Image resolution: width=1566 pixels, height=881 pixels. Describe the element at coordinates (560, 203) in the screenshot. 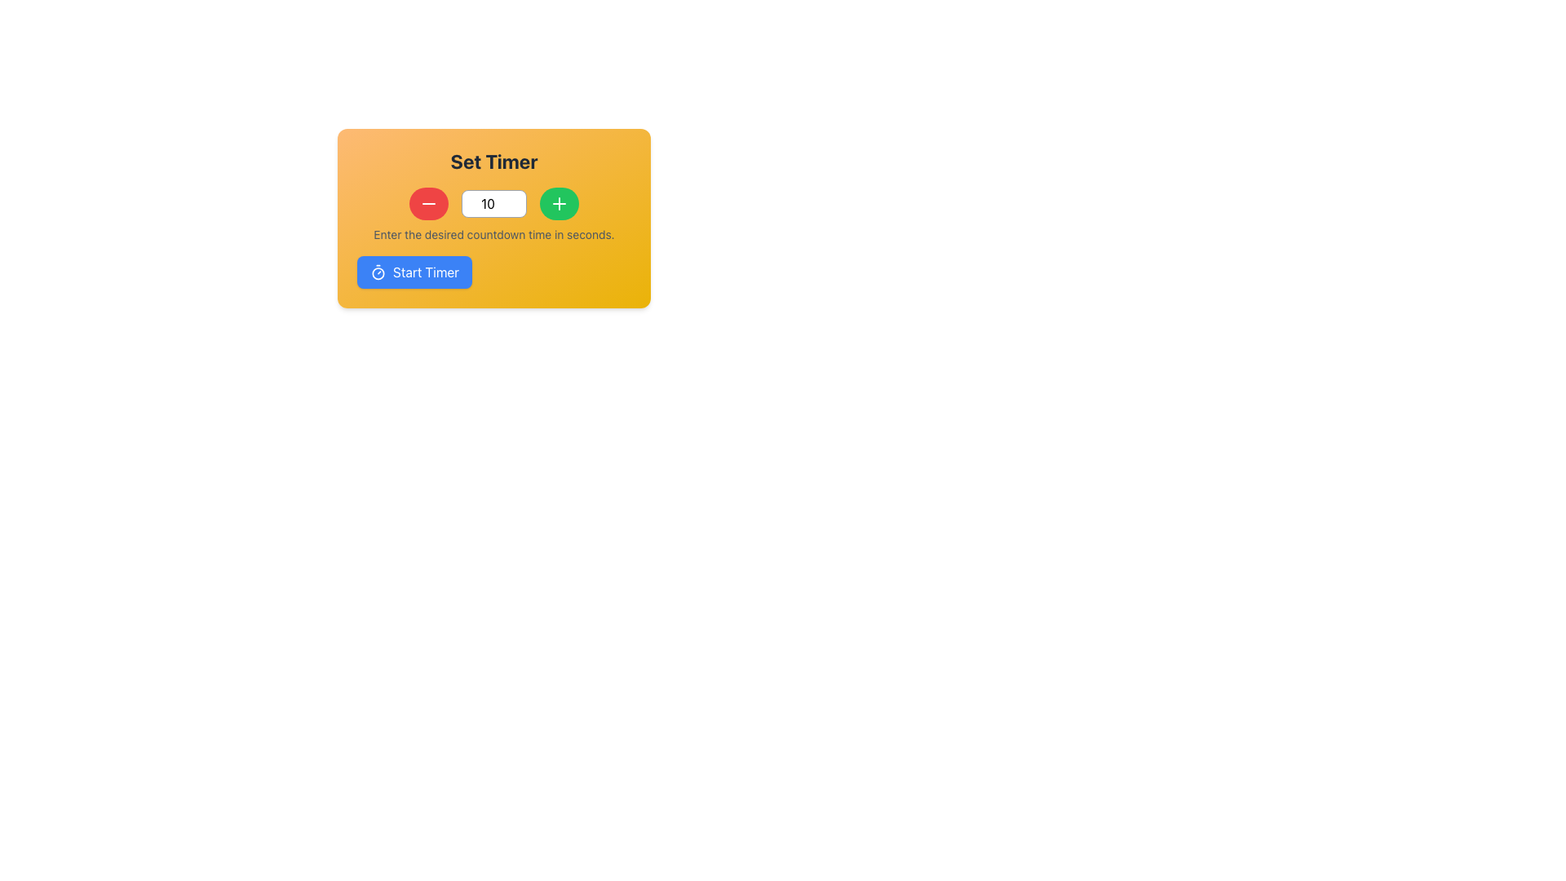

I see `the green circular button with a white plus symbol located in the top-right section of the orange-yellow card` at that location.